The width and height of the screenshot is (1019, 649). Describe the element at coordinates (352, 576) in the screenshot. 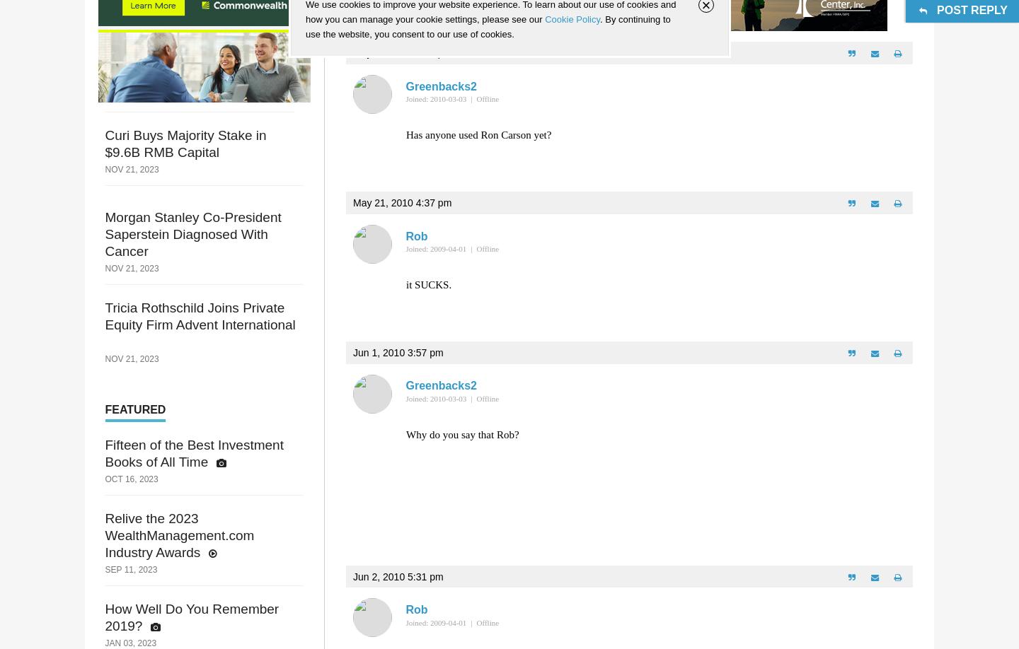

I see `'Jun 2, 2010 5:31 pm'` at that location.